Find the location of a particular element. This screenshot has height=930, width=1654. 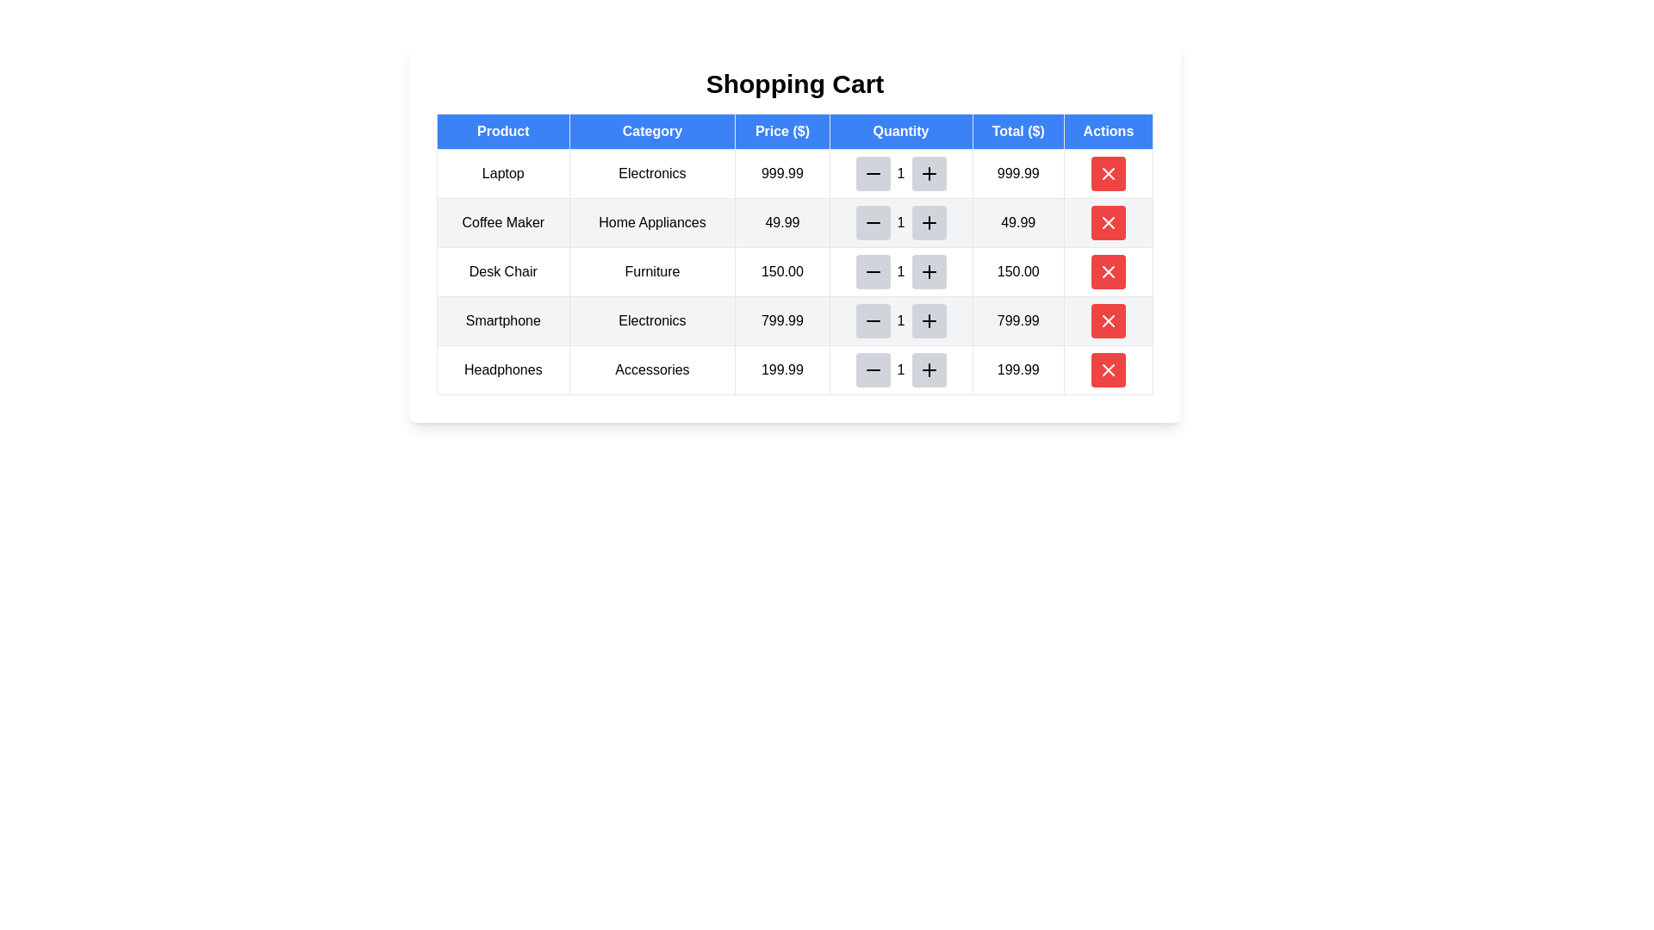

the increment button located in the Quantity column of the fourth row in the shopping cart table for the 'Smartphone' product to increase the quantity is located at coordinates (928, 321).